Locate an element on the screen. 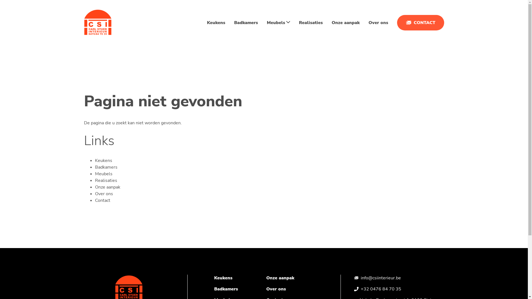 The height and width of the screenshot is (299, 532). 'Over ons' is located at coordinates (104, 193).